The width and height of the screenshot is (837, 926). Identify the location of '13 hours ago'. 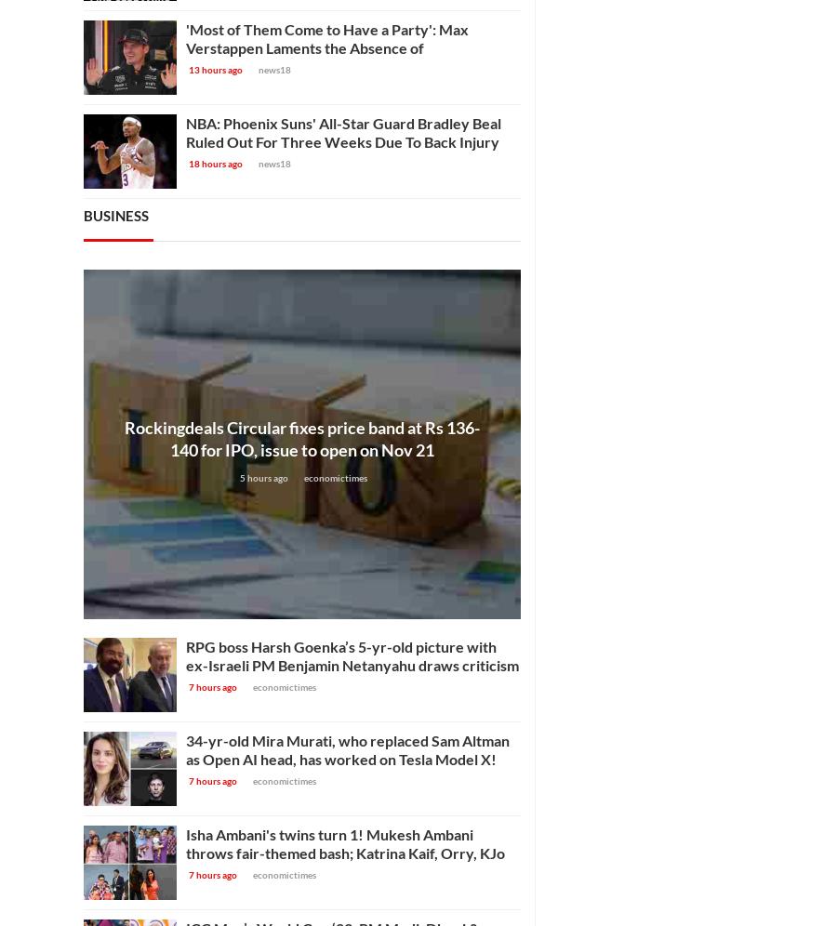
(215, 68).